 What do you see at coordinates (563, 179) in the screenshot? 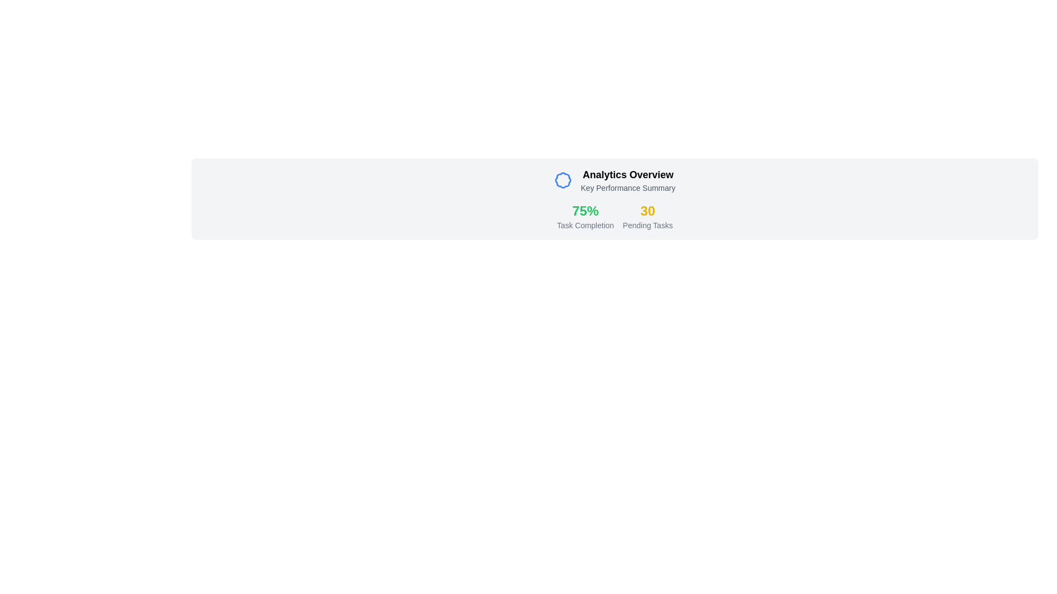
I see `the decorative icon for the analytics section, which is positioned to the far left of the 'Analytics Overview' title and above the 'Key Performance Summary' subtitle` at bounding box center [563, 179].